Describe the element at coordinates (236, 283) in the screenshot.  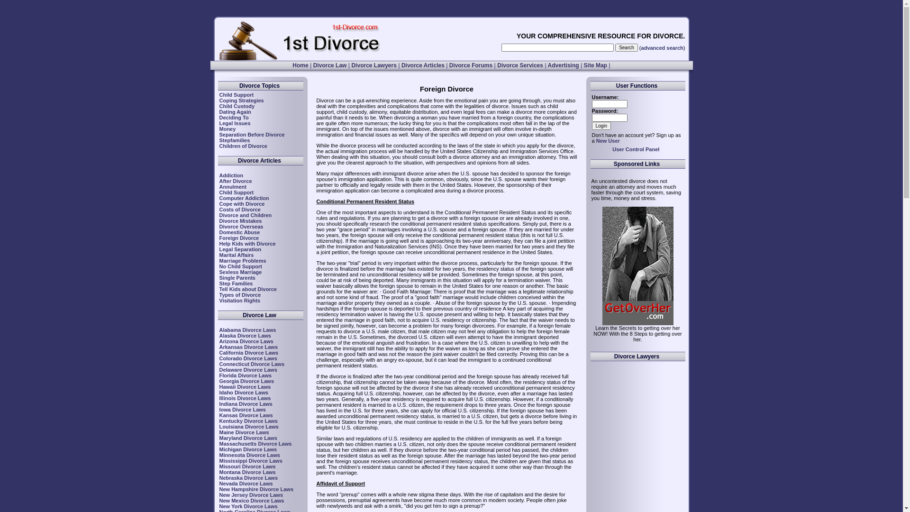
I see `'Step Families'` at that location.